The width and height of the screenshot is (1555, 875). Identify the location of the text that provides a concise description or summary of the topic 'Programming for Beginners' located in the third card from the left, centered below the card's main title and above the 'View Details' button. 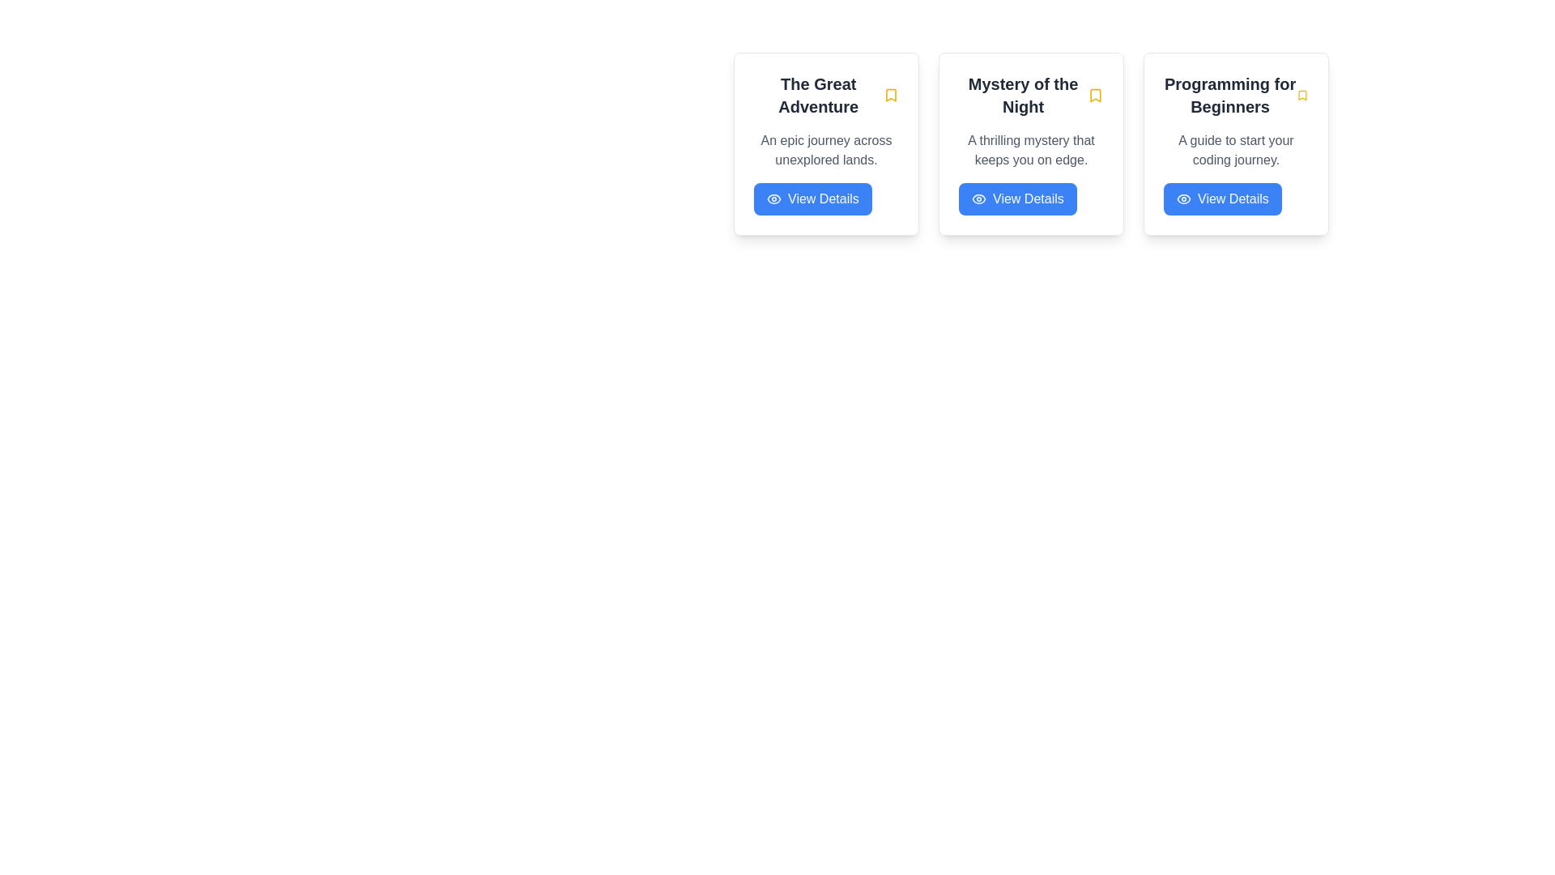
(1235, 150).